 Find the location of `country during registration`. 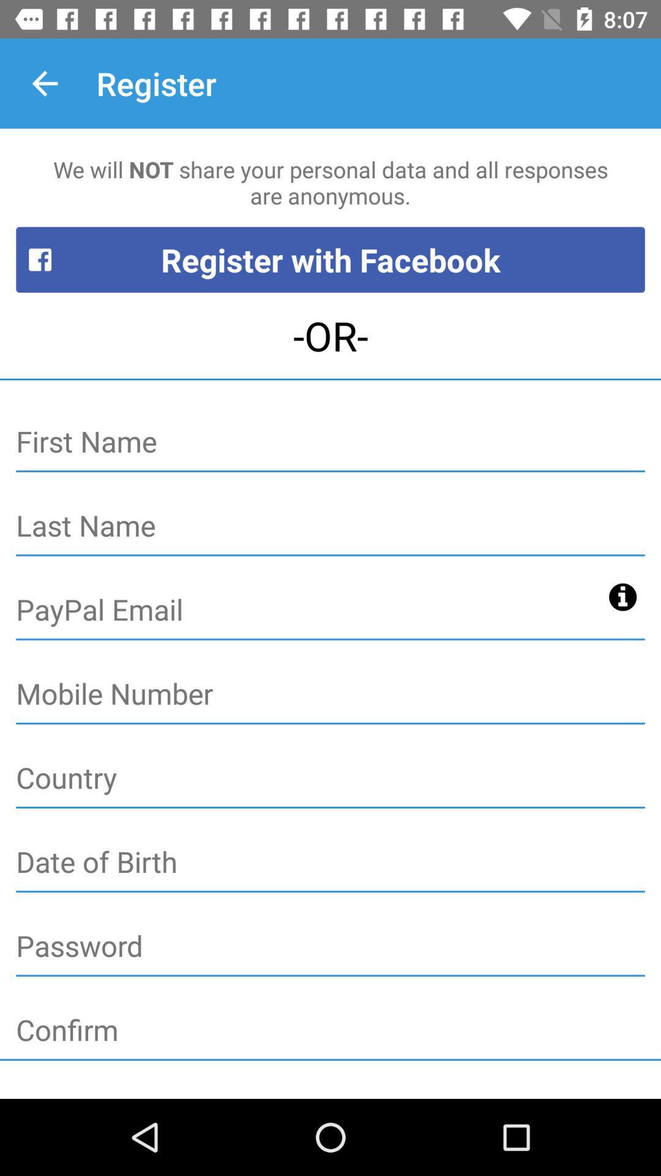

country during registration is located at coordinates (330, 778).